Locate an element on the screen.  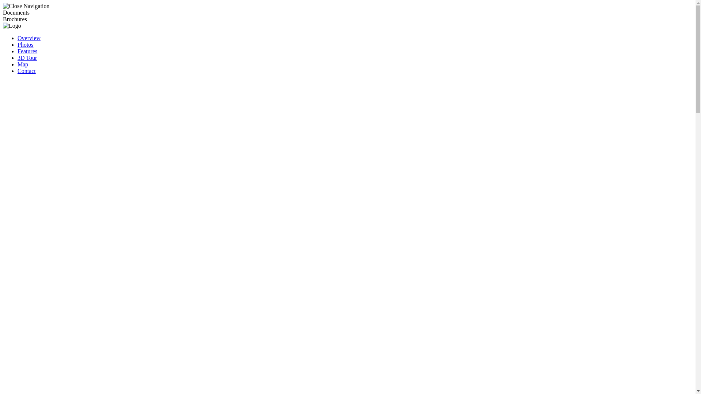
'3D Tour' is located at coordinates (27, 57).